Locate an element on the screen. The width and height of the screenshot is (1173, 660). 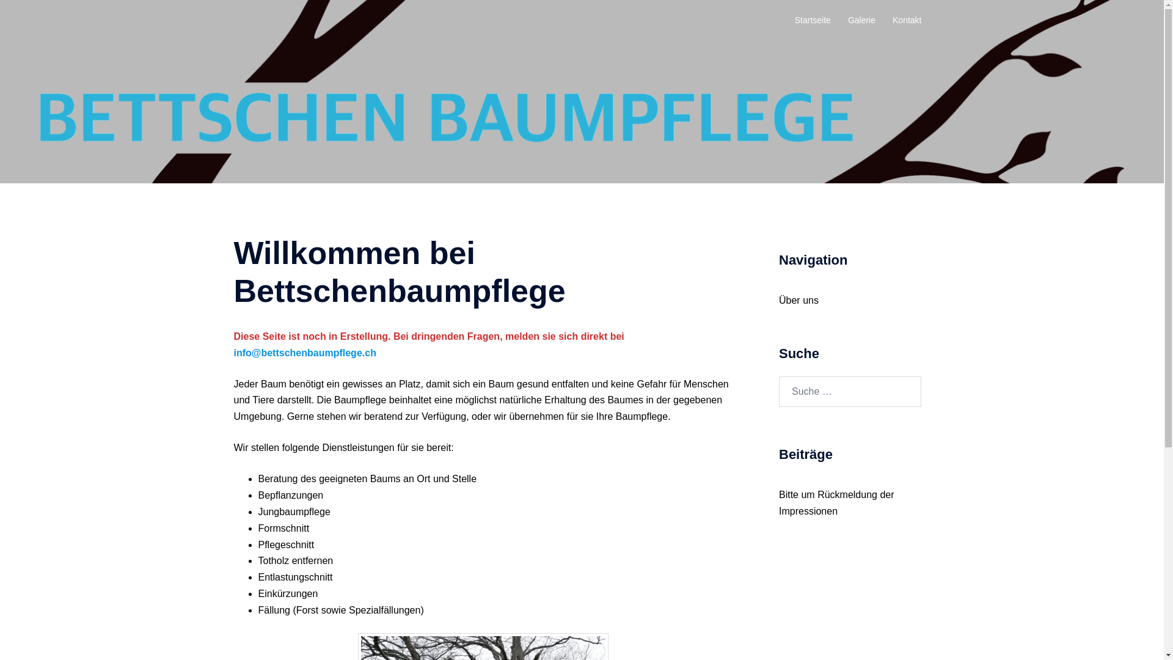
'Galerie' is located at coordinates (861, 21).